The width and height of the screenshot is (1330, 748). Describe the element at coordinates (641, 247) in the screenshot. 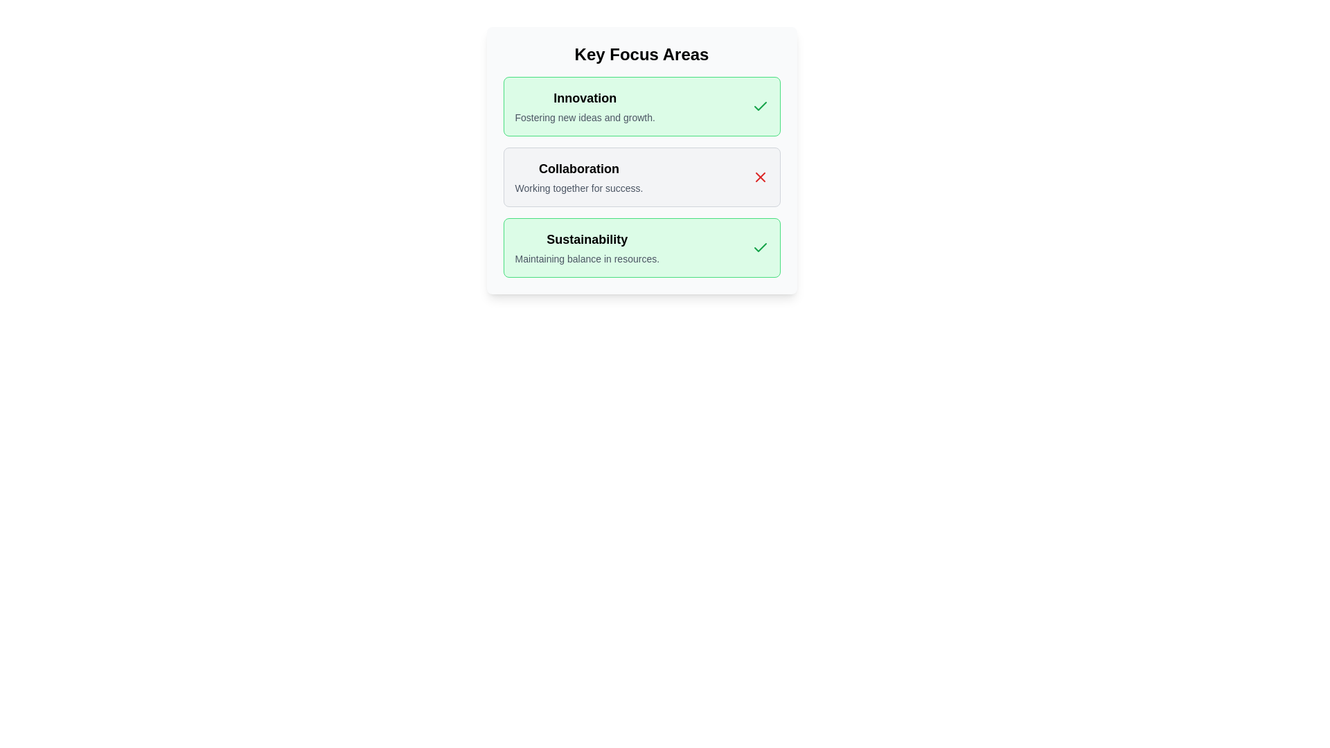

I see `the chip labeled Sustainability to observe the hover effect` at that location.